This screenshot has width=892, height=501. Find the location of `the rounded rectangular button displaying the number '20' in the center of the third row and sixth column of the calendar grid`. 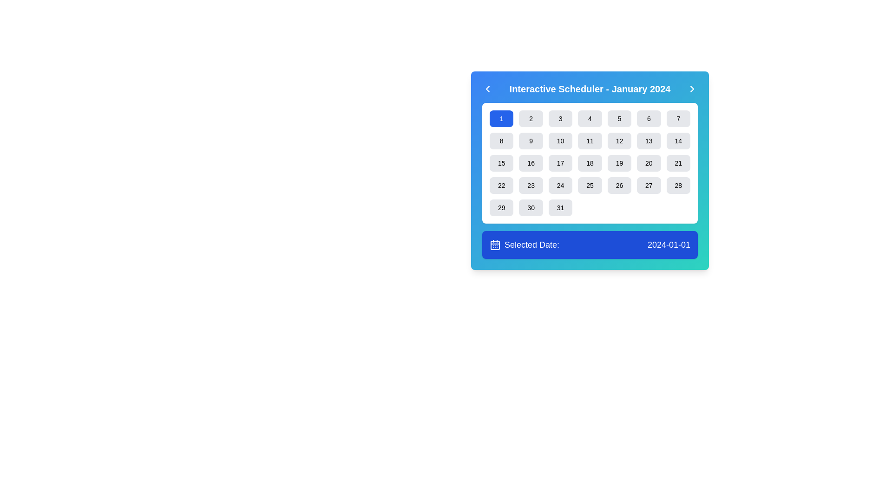

the rounded rectangular button displaying the number '20' in the center of the third row and sixth column of the calendar grid is located at coordinates (648, 162).